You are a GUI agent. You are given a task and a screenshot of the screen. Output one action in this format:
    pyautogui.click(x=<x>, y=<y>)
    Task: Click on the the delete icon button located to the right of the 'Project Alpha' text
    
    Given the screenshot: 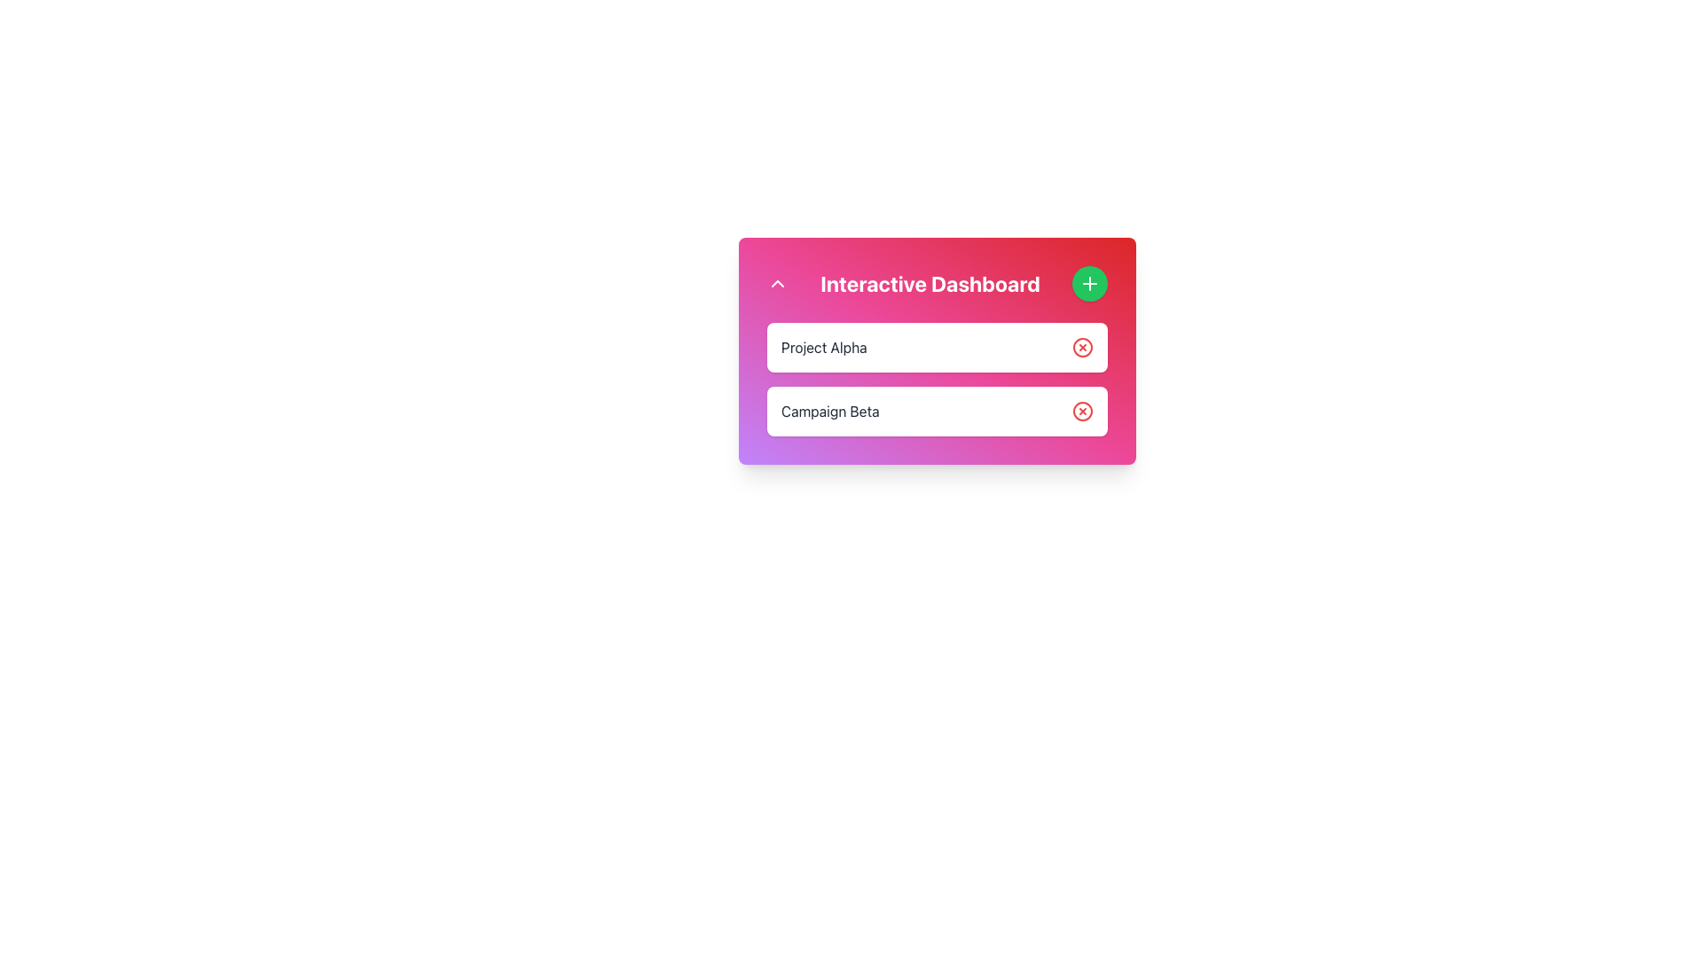 What is the action you would take?
    pyautogui.click(x=1081, y=348)
    